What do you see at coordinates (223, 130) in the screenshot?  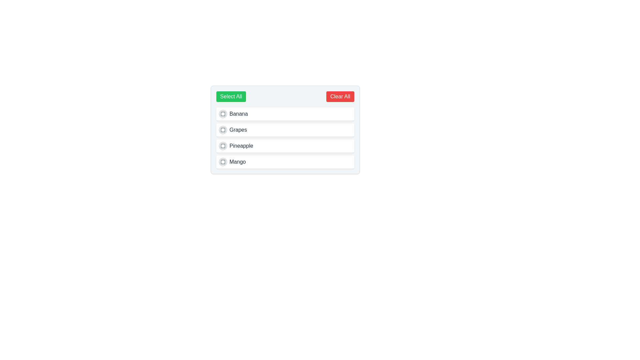 I see `the checkbox located to the left of the text 'Grapes'` at bounding box center [223, 130].